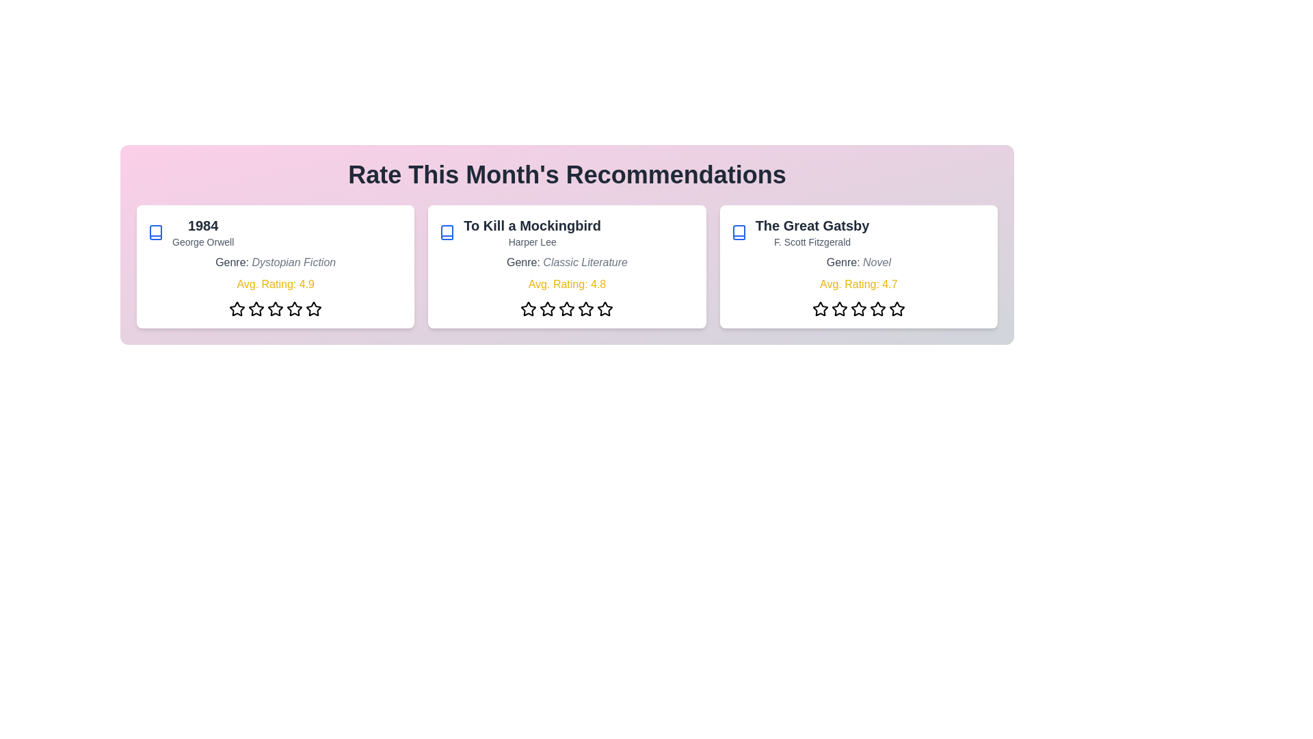 The width and height of the screenshot is (1313, 739). What do you see at coordinates (857, 266) in the screenshot?
I see `the book card for 'The Great Gatsby'` at bounding box center [857, 266].